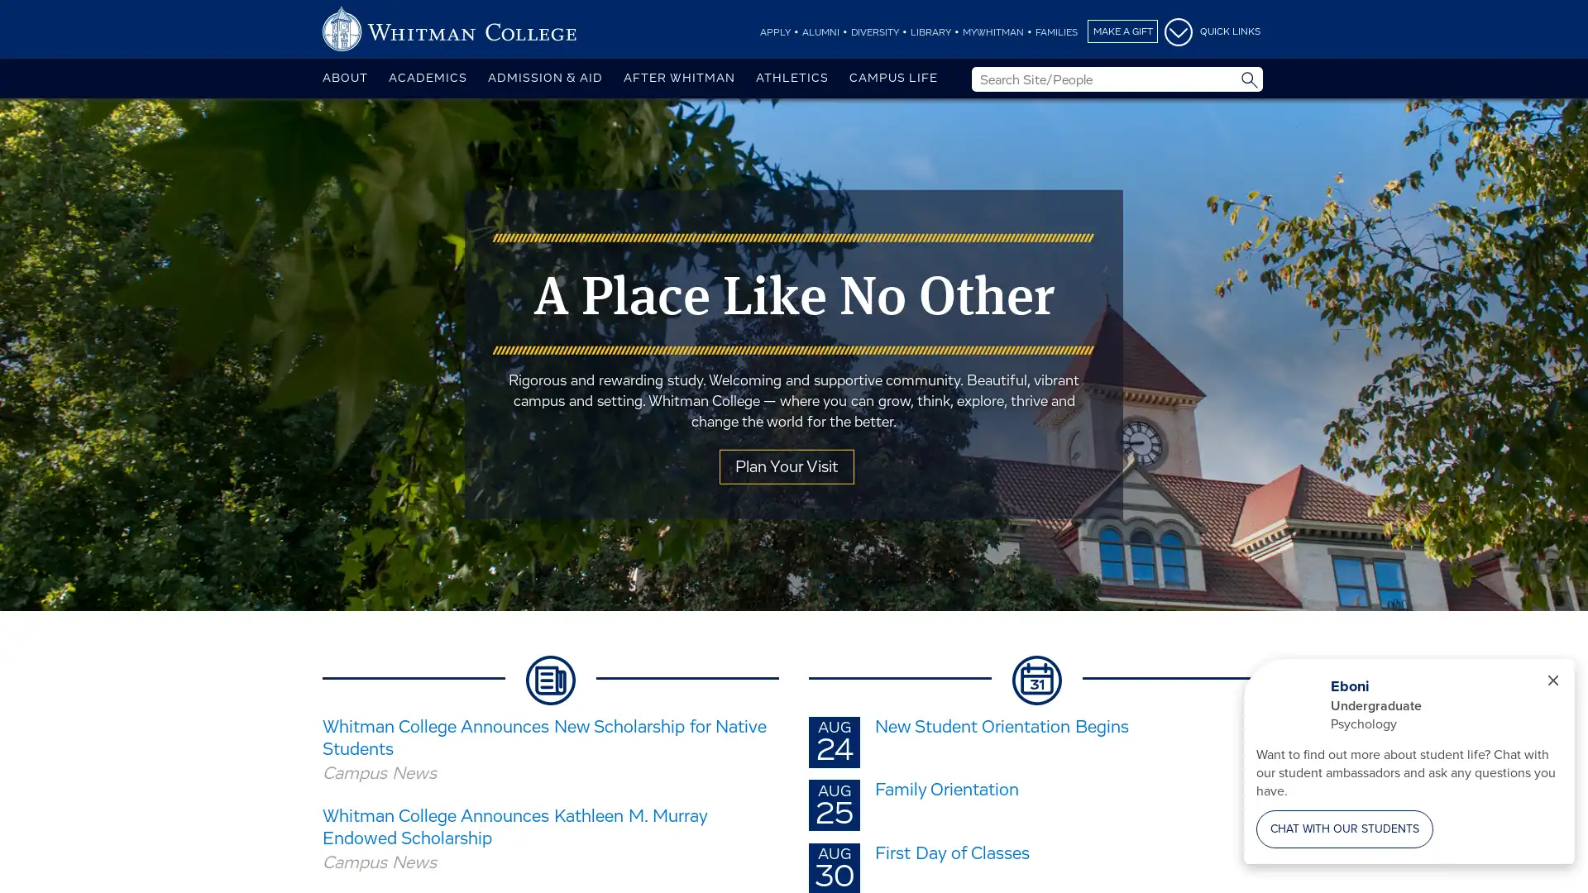 This screenshot has width=1588, height=893. I want to click on People, so click(1303, 79).